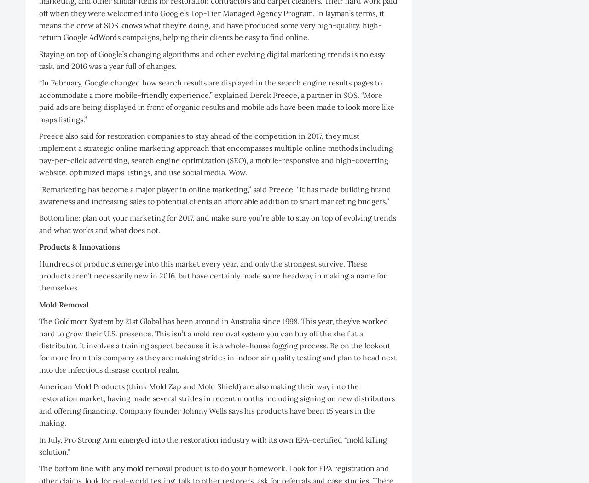 This screenshot has height=483, width=589. Describe the element at coordinates (64, 304) in the screenshot. I see `'Mold Removal'` at that location.